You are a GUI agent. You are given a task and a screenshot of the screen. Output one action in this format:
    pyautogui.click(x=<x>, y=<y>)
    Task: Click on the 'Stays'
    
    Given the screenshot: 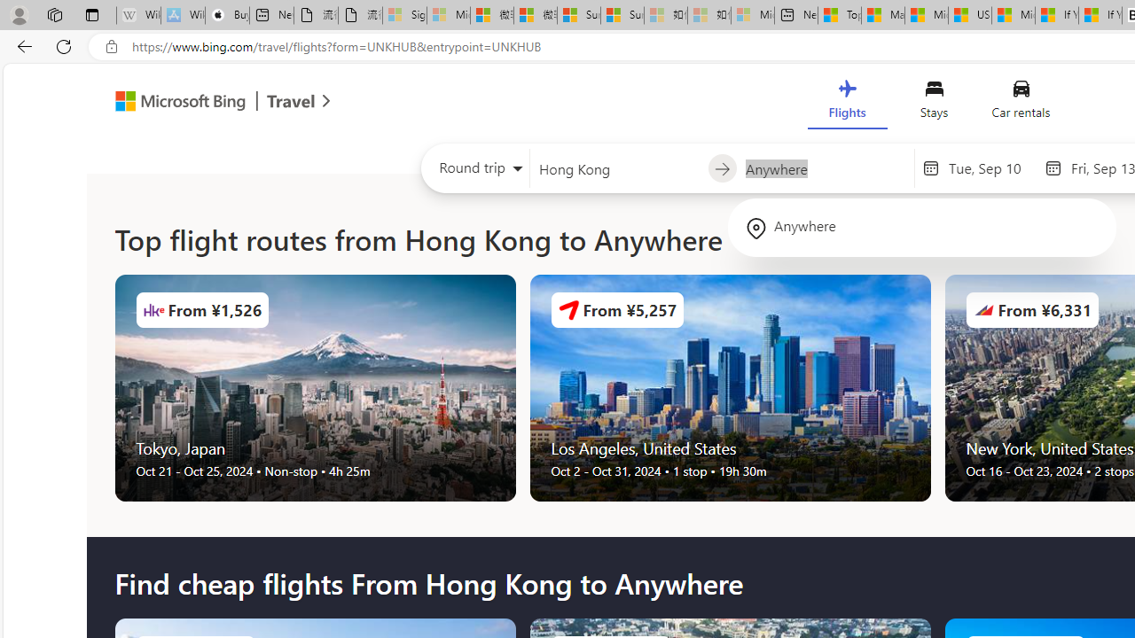 What is the action you would take?
    pyautogui.click(x=934, y=104)
    